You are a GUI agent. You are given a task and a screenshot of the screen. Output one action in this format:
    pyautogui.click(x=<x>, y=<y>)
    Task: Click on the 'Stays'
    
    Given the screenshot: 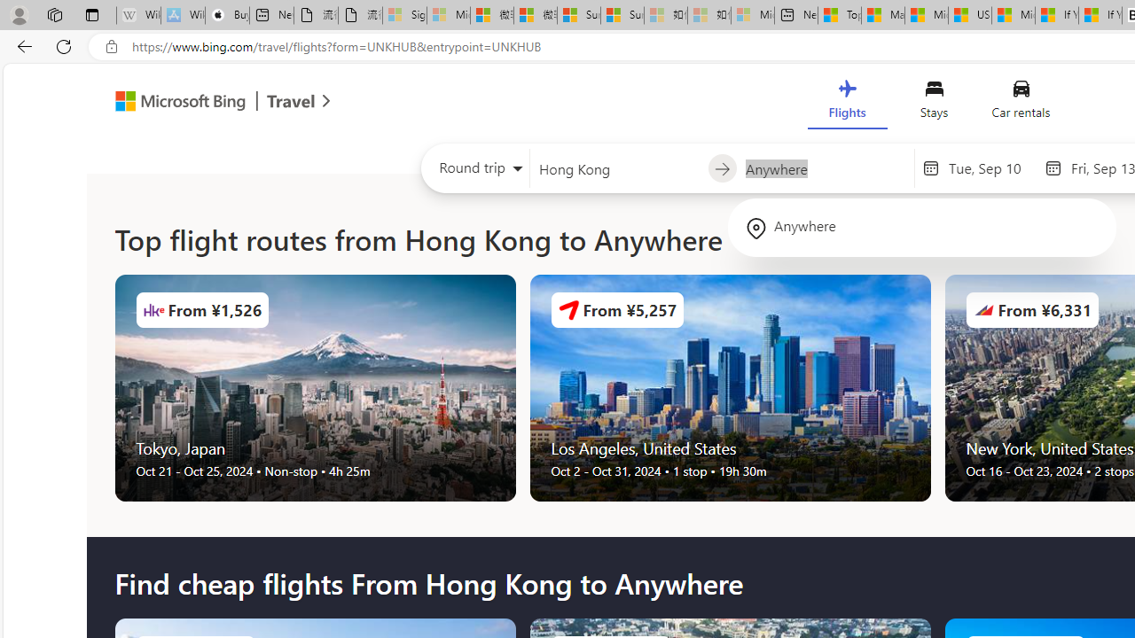 What is the action you would take?
    pyautogui.click(x=934, y=104)
    